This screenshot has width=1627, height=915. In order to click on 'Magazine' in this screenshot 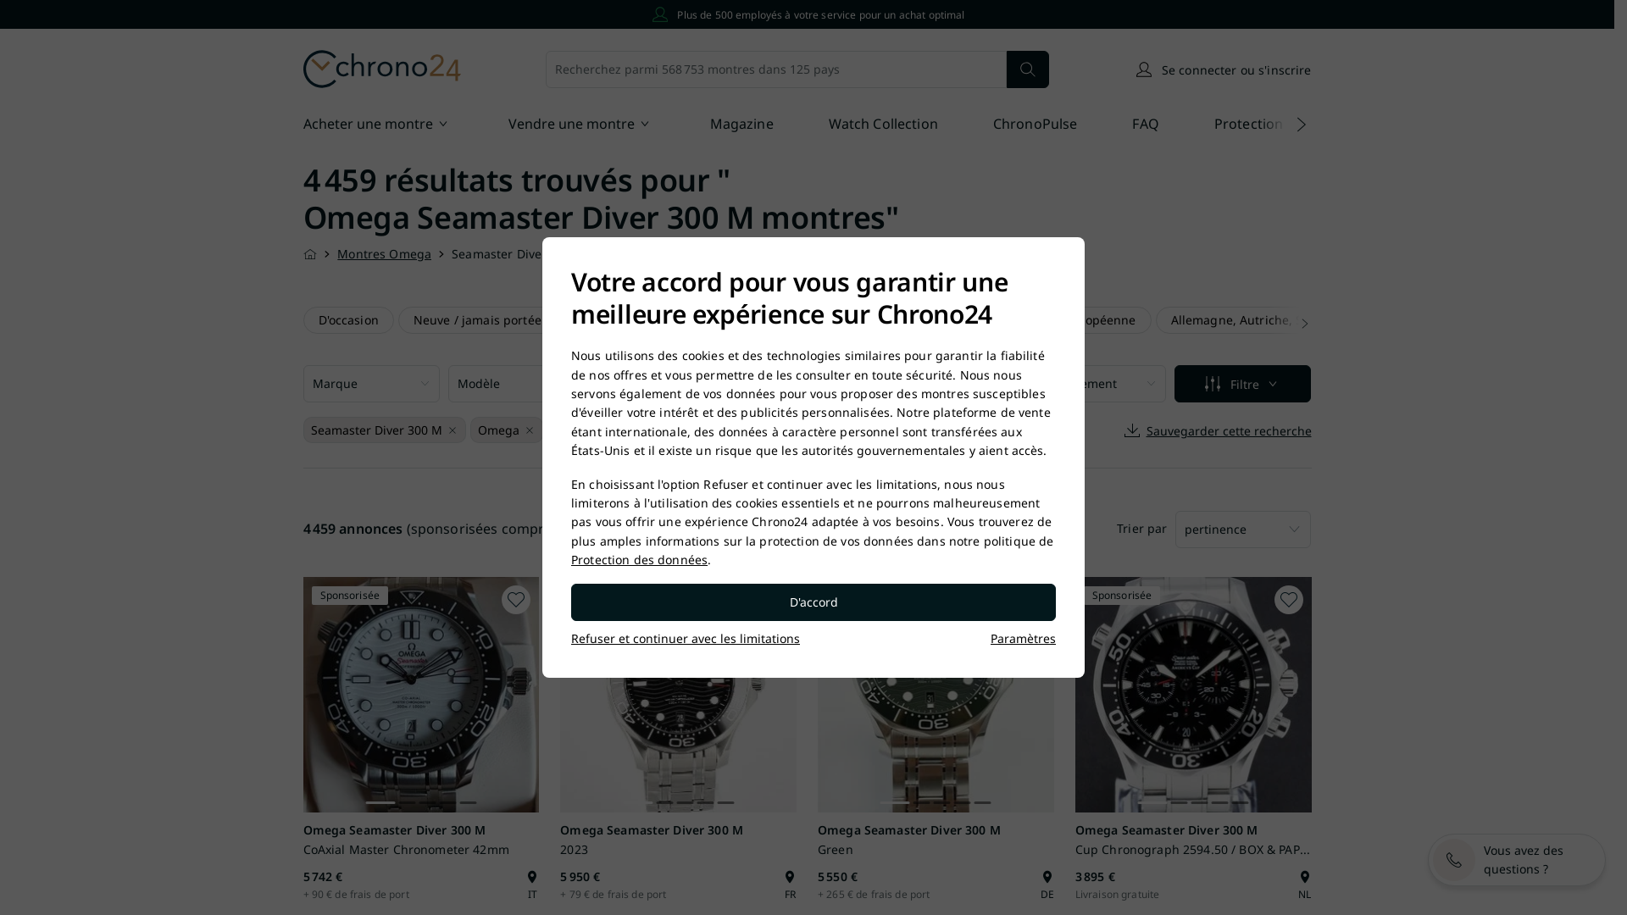, I will do `click(741, 124)`.